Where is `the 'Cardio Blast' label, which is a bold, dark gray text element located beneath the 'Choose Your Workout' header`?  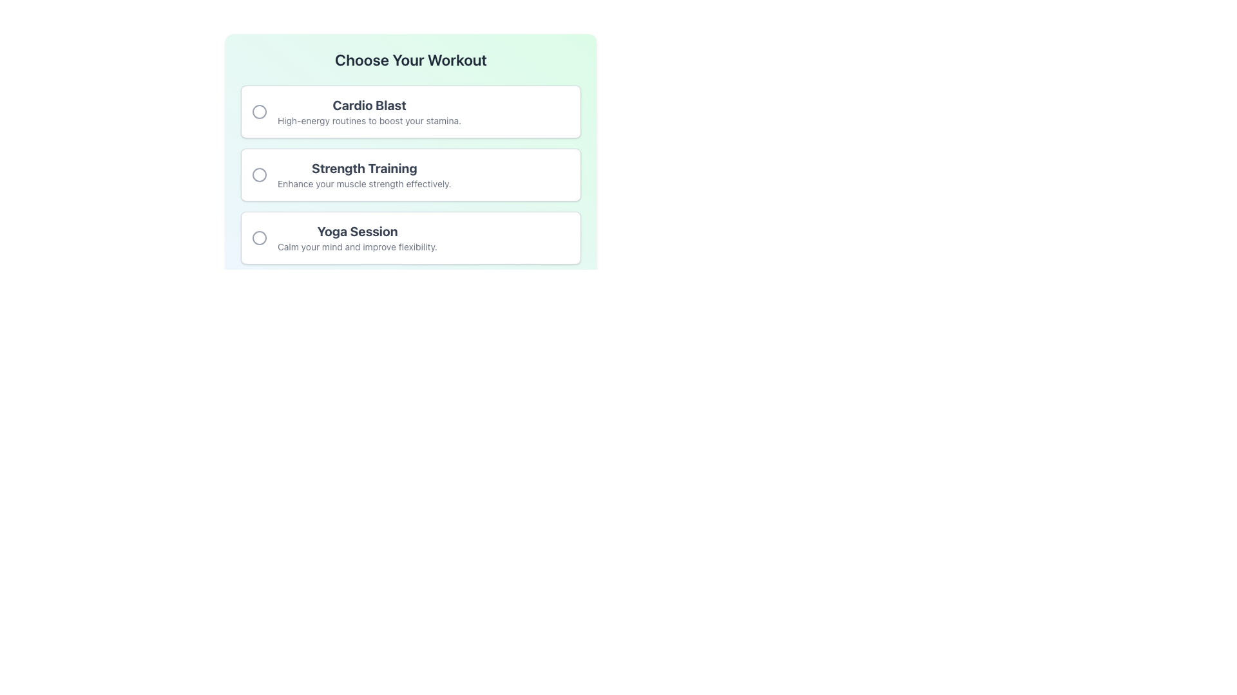
the 'Cardio Blast' label, which is a bold, dark gray text element located beneath the 'Choose Your Workout' header is located at coordinates (369, 105).